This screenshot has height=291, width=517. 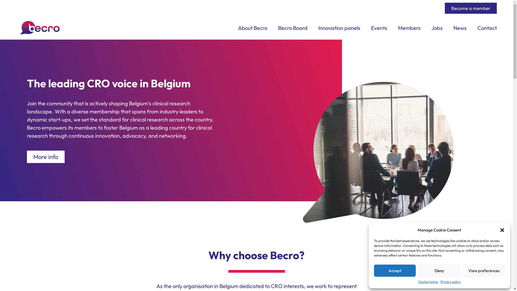 I want to click on 'Events', so click(x=379, y=28).